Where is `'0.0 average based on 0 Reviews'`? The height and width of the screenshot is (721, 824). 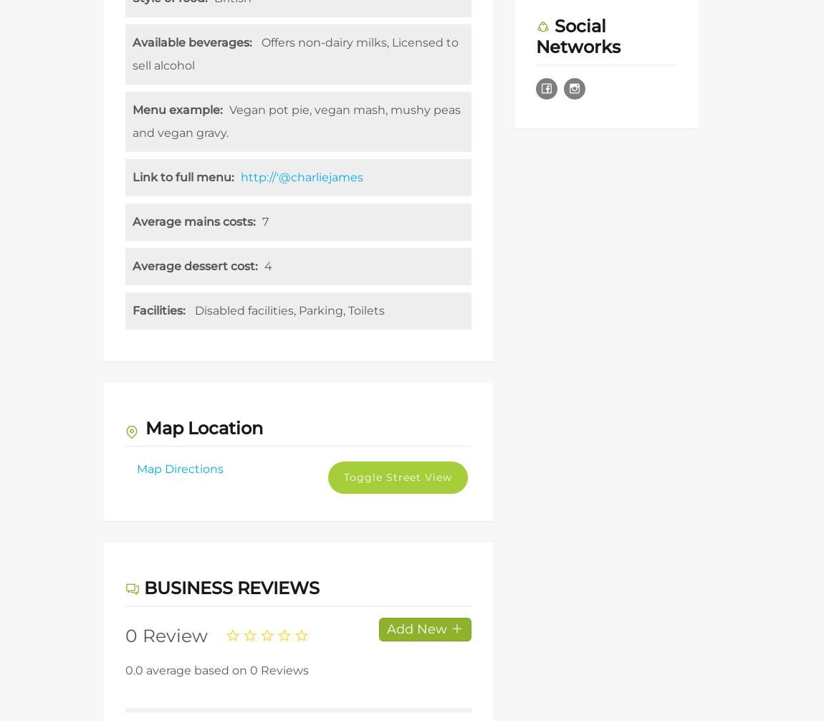 '0.0 average based on 0 Reviews' is located at coordinates (217, 669).